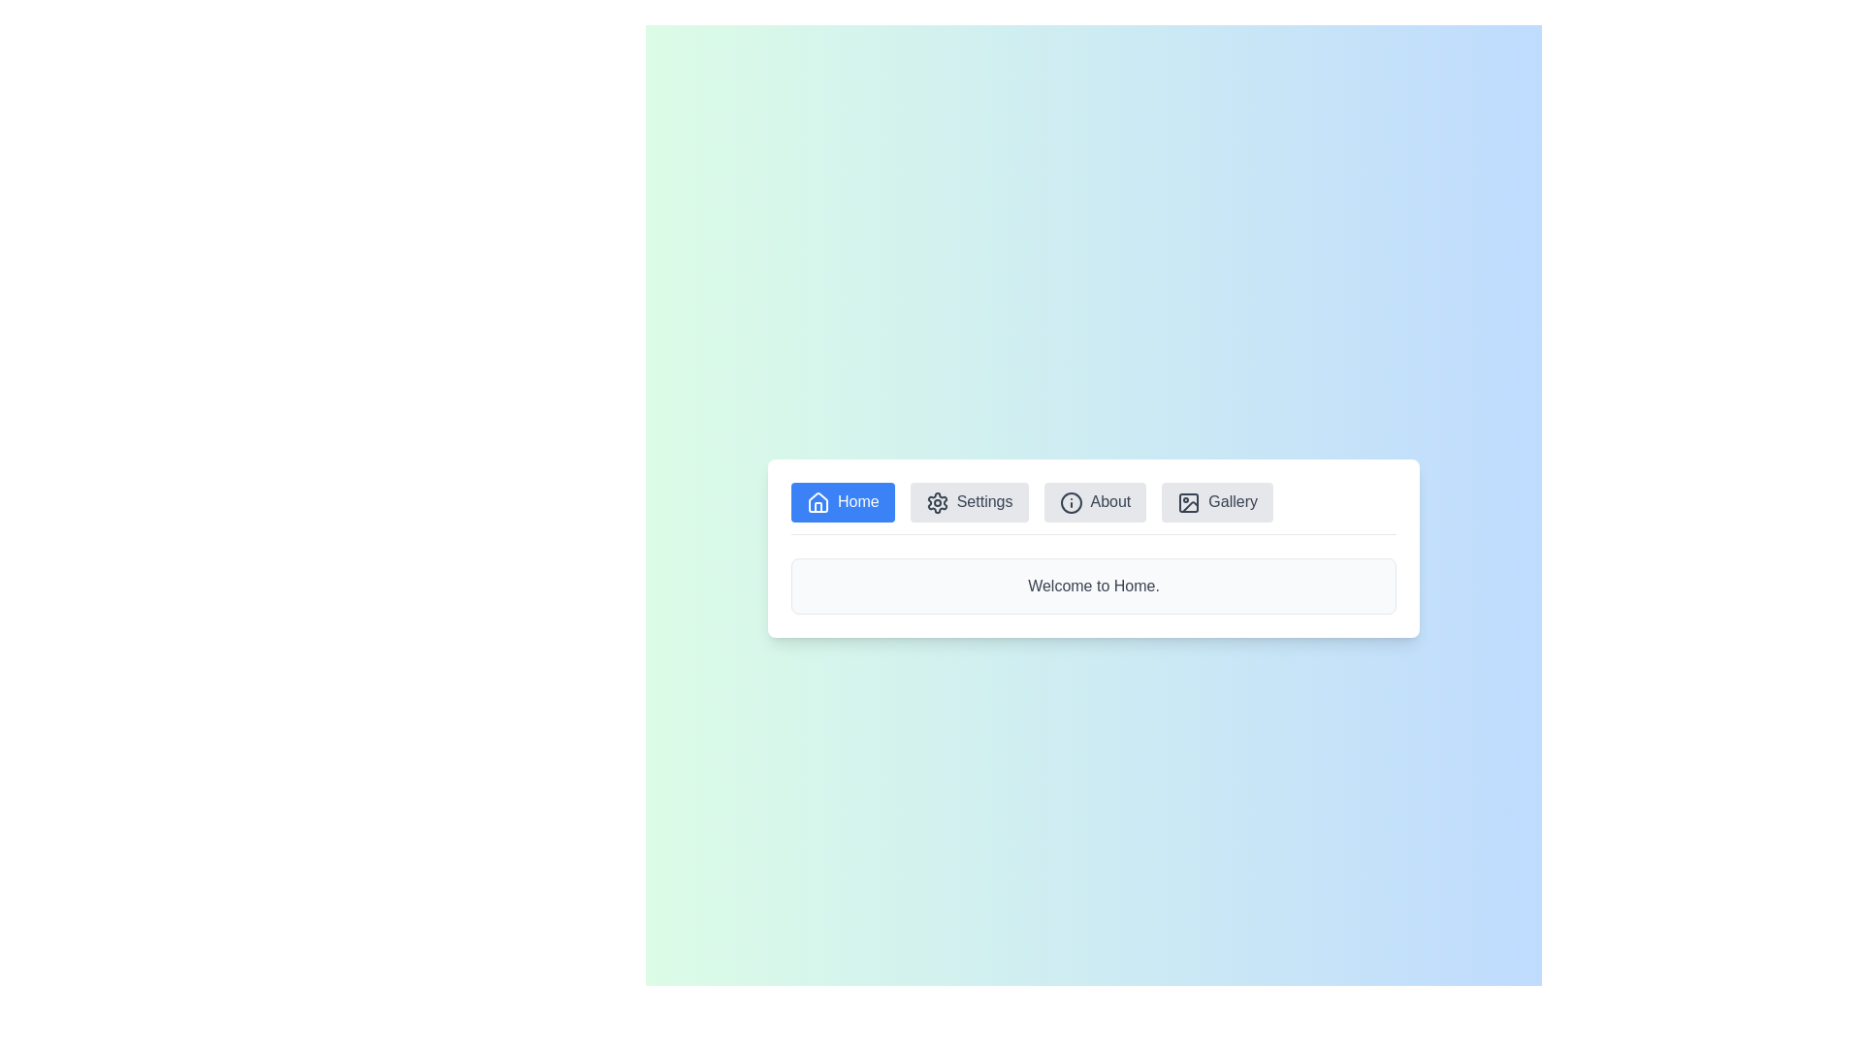 Image resolution: width=1862 pixels, height=1047 pixels. Describe the element at coordinates (1216, 501) in the screenshot. I see `the menu item button labeled Gallery to view its content` at that location.